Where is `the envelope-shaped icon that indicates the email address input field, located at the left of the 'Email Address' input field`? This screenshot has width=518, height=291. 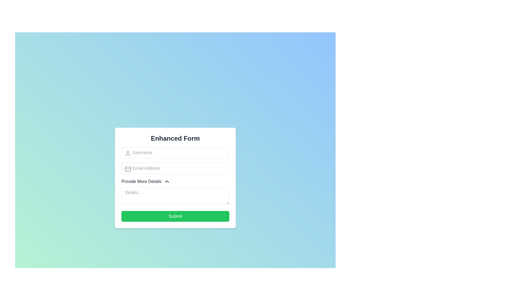 the envelope-shaped icon that indicates the email address input field, located at the left of the 'Email Address' input field is located at coordinates (128, 168).